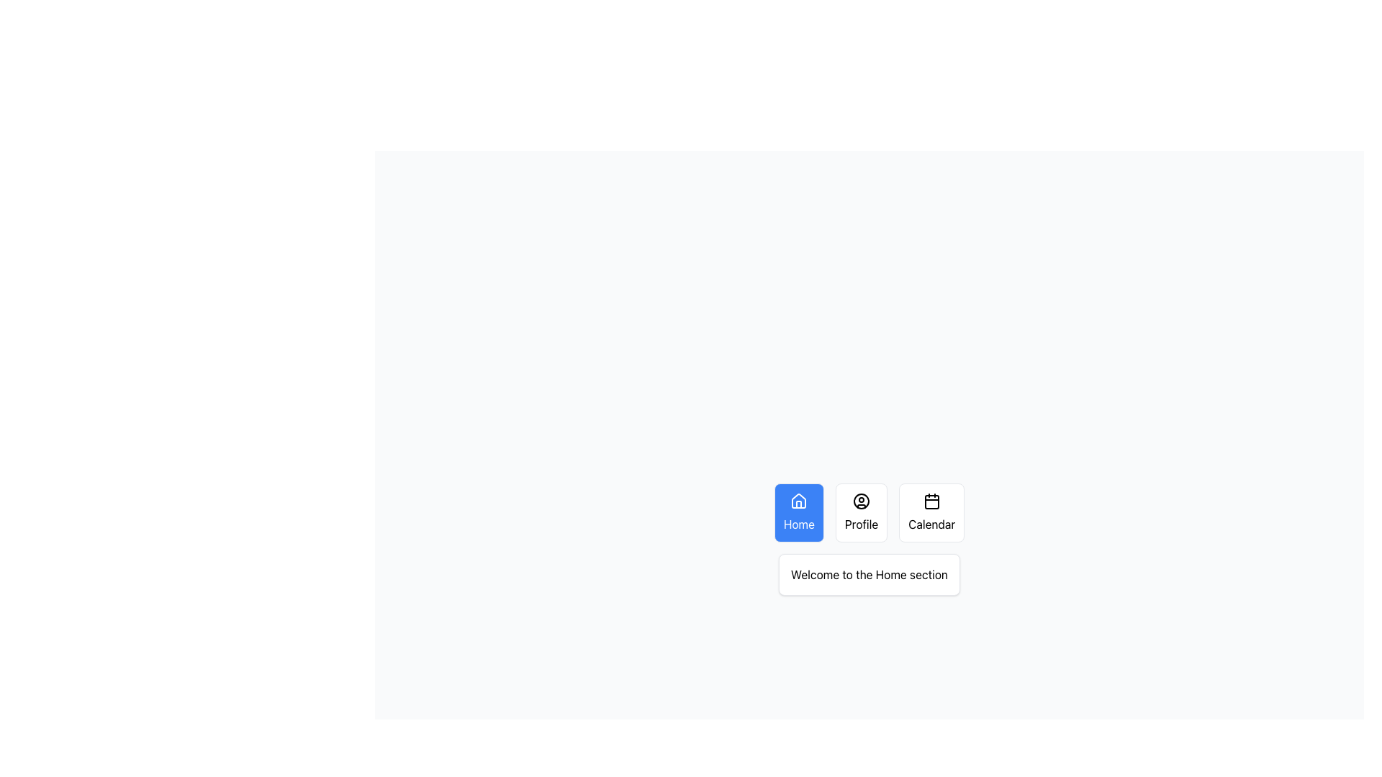 This screenshot has width=1382, height=777. I want to click on the house icon located at the center-left of the horizontal navigation bar, so click(798, 504).